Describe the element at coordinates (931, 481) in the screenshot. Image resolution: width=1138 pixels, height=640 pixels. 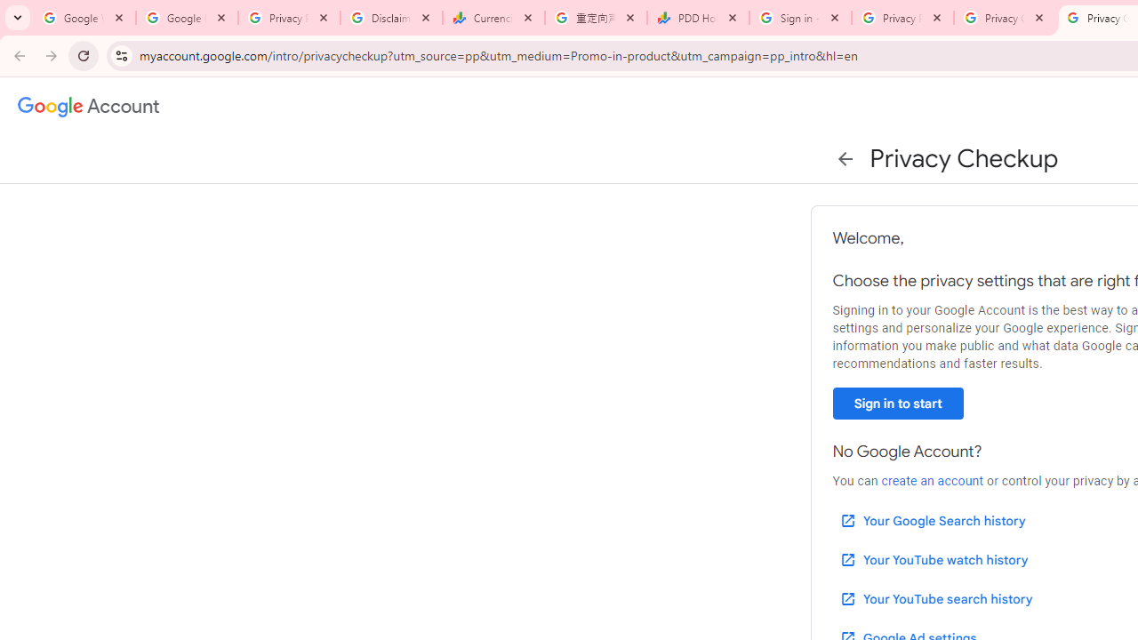
I see `'create an account'` at that location.